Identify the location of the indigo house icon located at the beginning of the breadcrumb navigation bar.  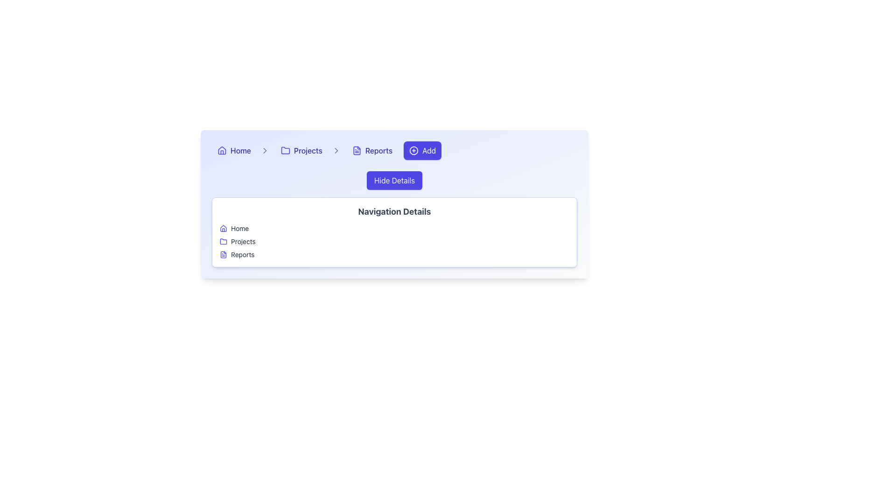
(221, 150).